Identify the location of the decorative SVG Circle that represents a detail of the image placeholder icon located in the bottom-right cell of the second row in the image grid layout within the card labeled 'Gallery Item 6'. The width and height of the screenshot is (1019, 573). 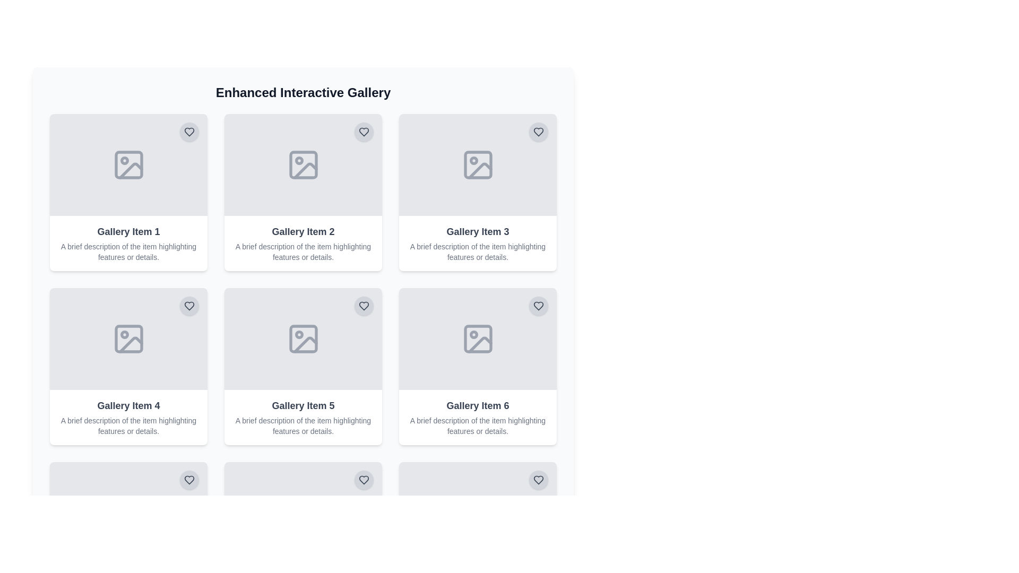
(473, 335).